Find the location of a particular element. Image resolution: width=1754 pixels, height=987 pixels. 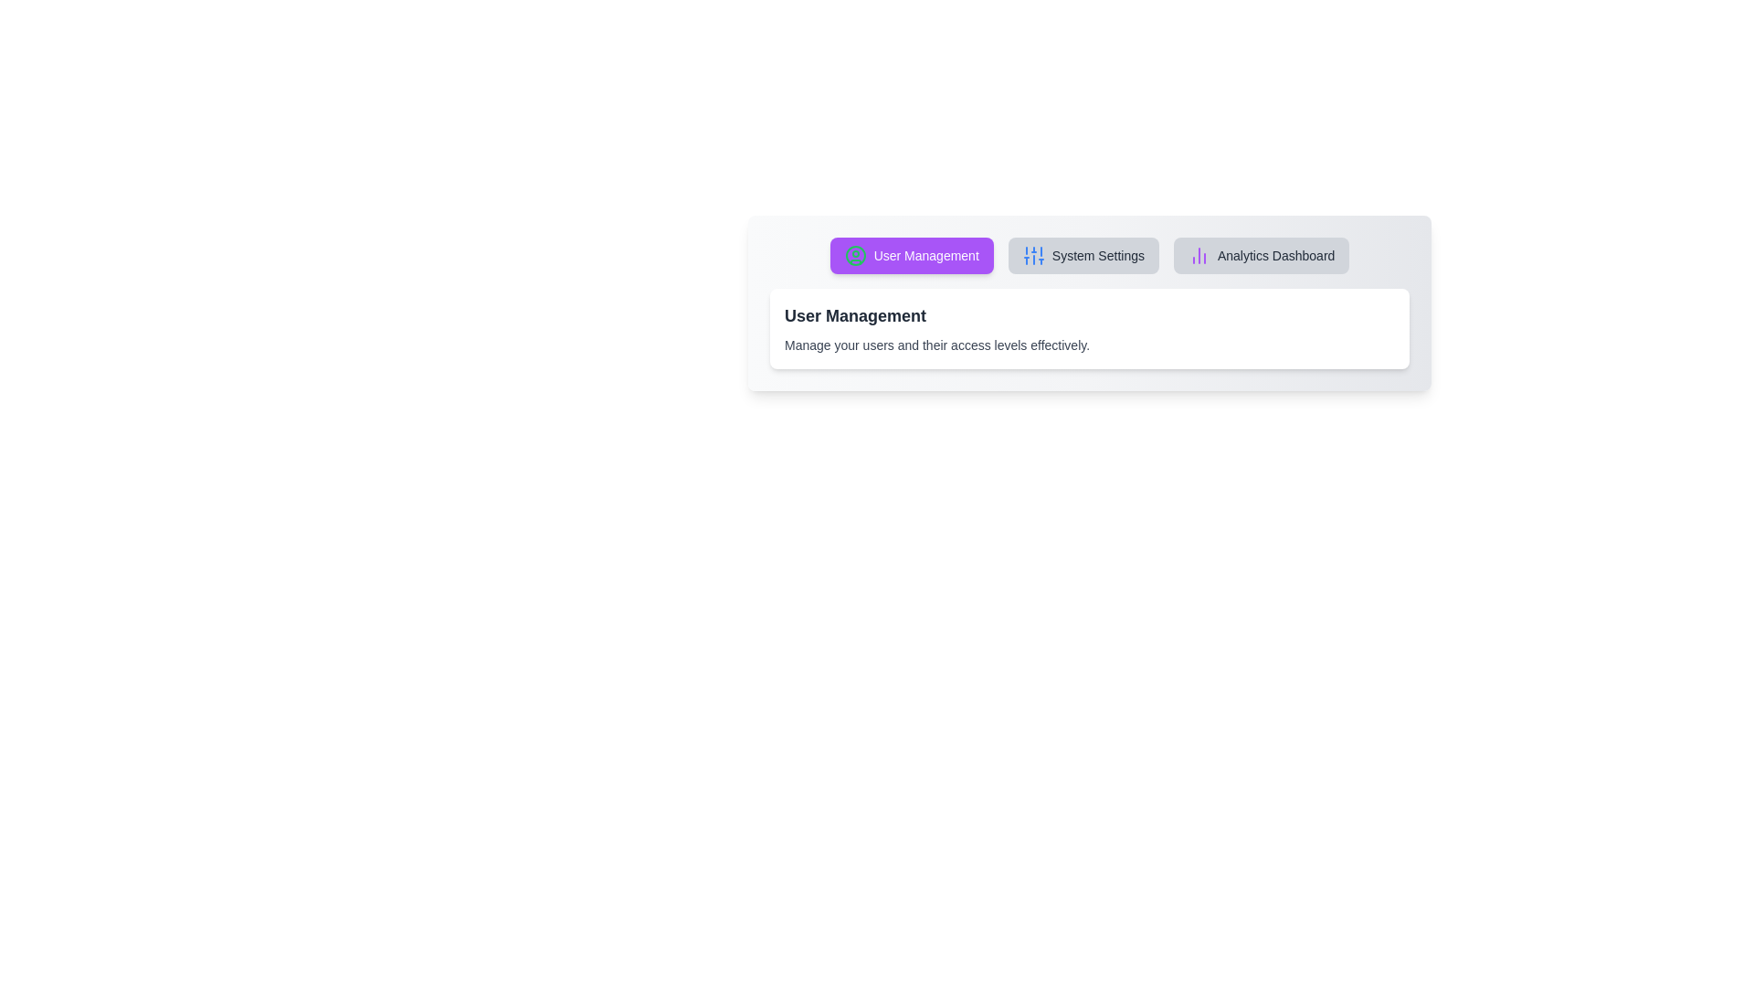

the tab labeled System Settings is located at coordinates (1083, 256).